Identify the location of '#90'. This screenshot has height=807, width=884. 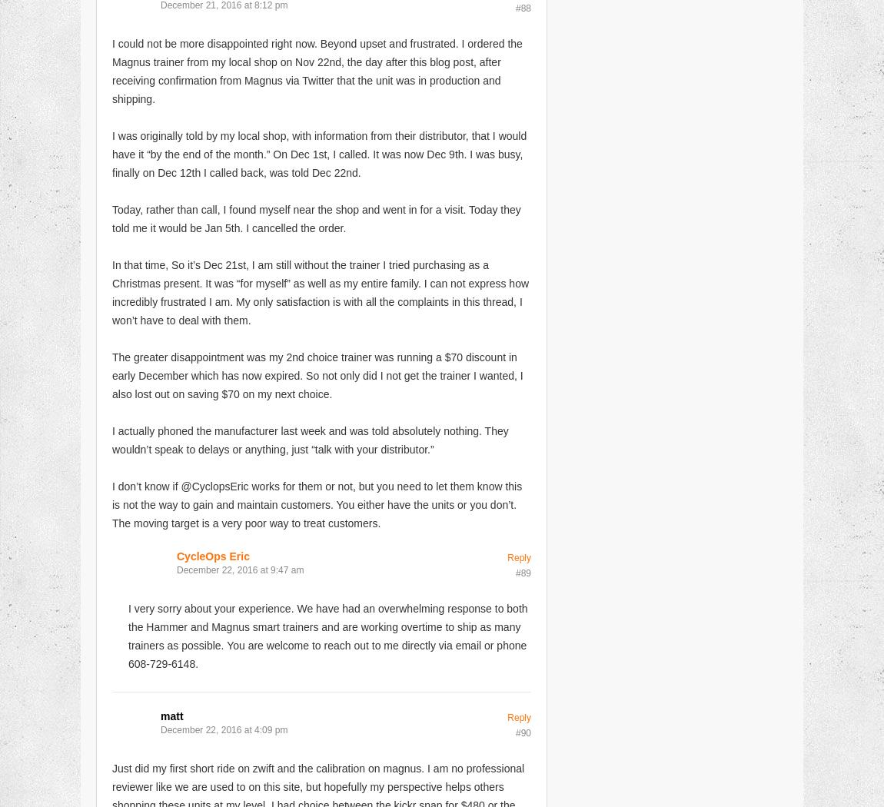
(522, 731).